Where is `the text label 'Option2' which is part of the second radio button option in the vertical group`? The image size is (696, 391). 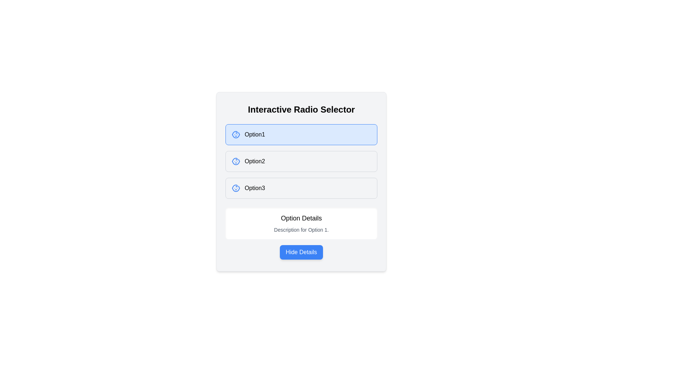
the text label 'Option2' which is part of the second radio button option in the vertical group is located at coordinates (255, 161).